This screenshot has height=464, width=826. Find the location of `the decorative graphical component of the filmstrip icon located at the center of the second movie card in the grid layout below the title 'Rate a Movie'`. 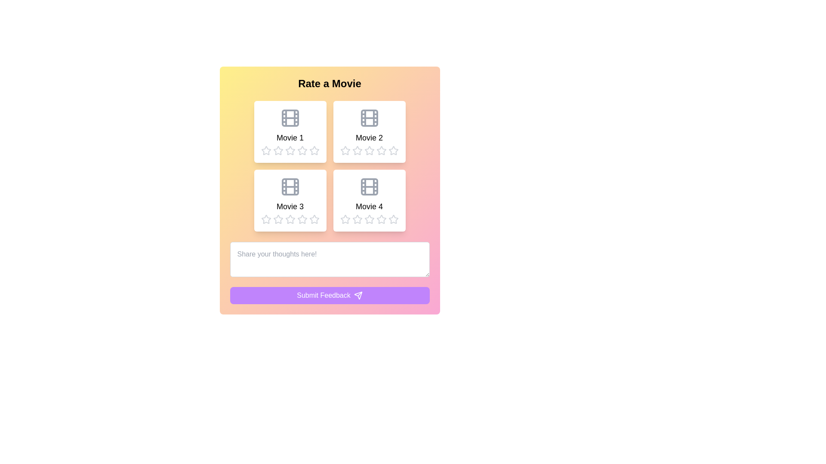

the decorative graphical component of the filmstrip icon located at the center of the second movie card in the grid layout below the title 'Rate a Movie' is located at coordinates (369, 118).